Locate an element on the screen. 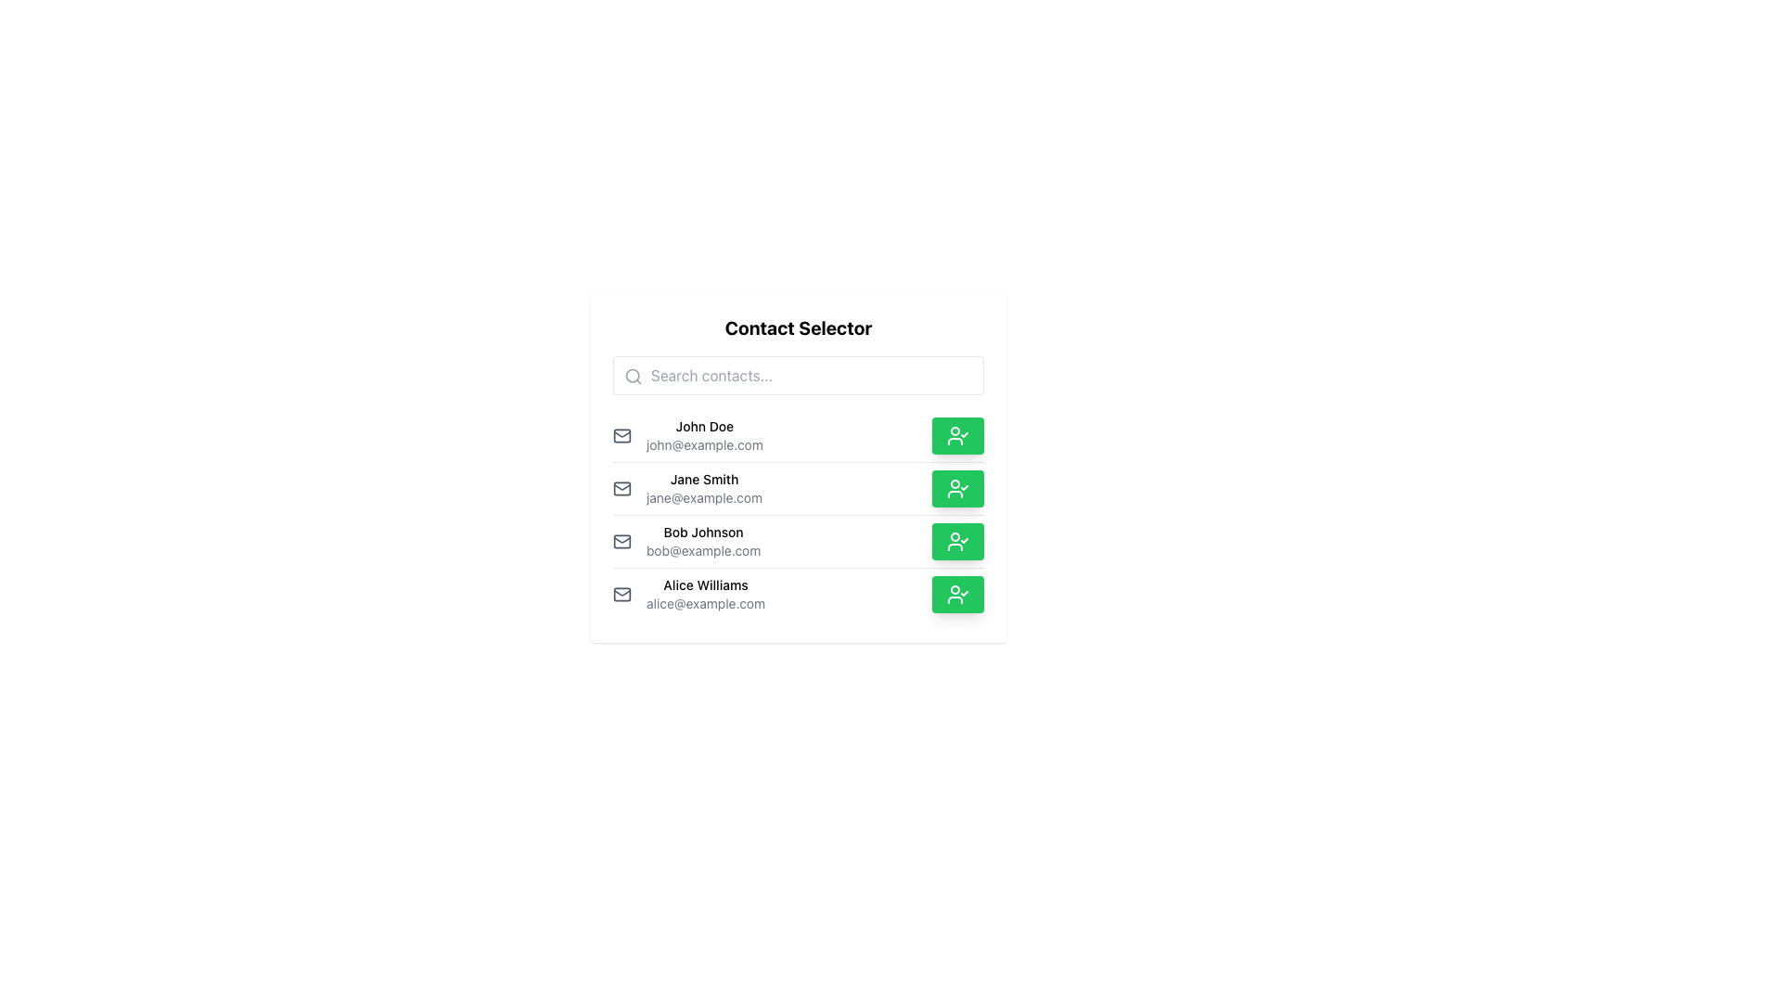  the button containing the user icon with a checkmark for 'Bob Johnson' is located at coordinates (957, 541).